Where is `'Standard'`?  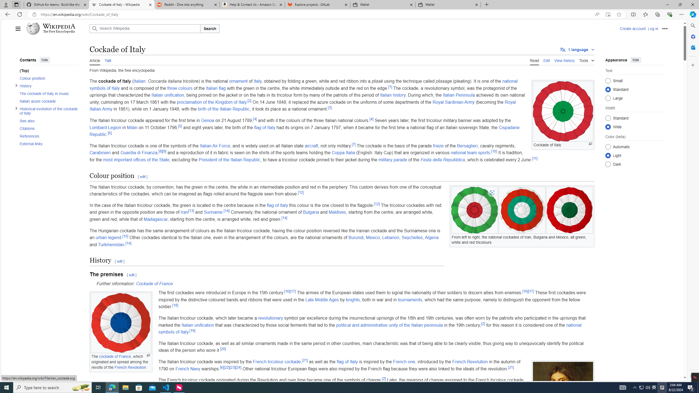
'Standard' is located at coordinates (608, 118).